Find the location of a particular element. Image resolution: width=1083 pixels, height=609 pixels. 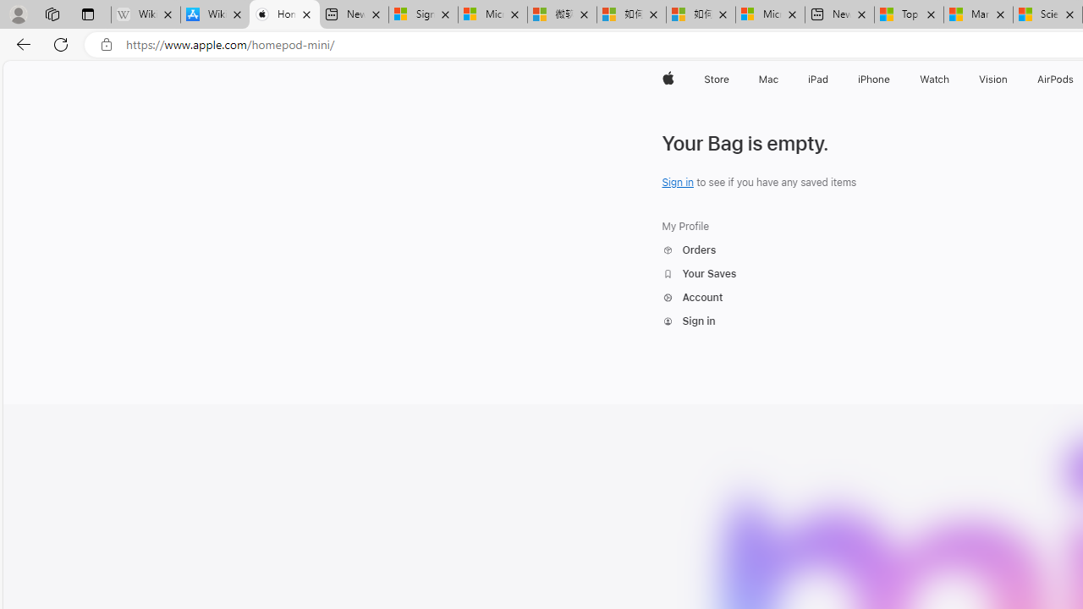

'AutomationID: Outlined' is located at coordinates (667, 321).